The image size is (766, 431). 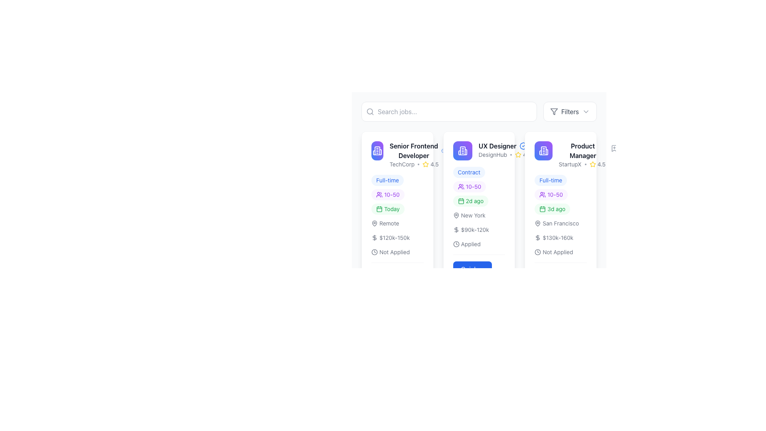 I want to click on 'Product Manager' text label, which is a bold and dark-colored element located at the top-center of the job listing card, so click(x=583, y=151).